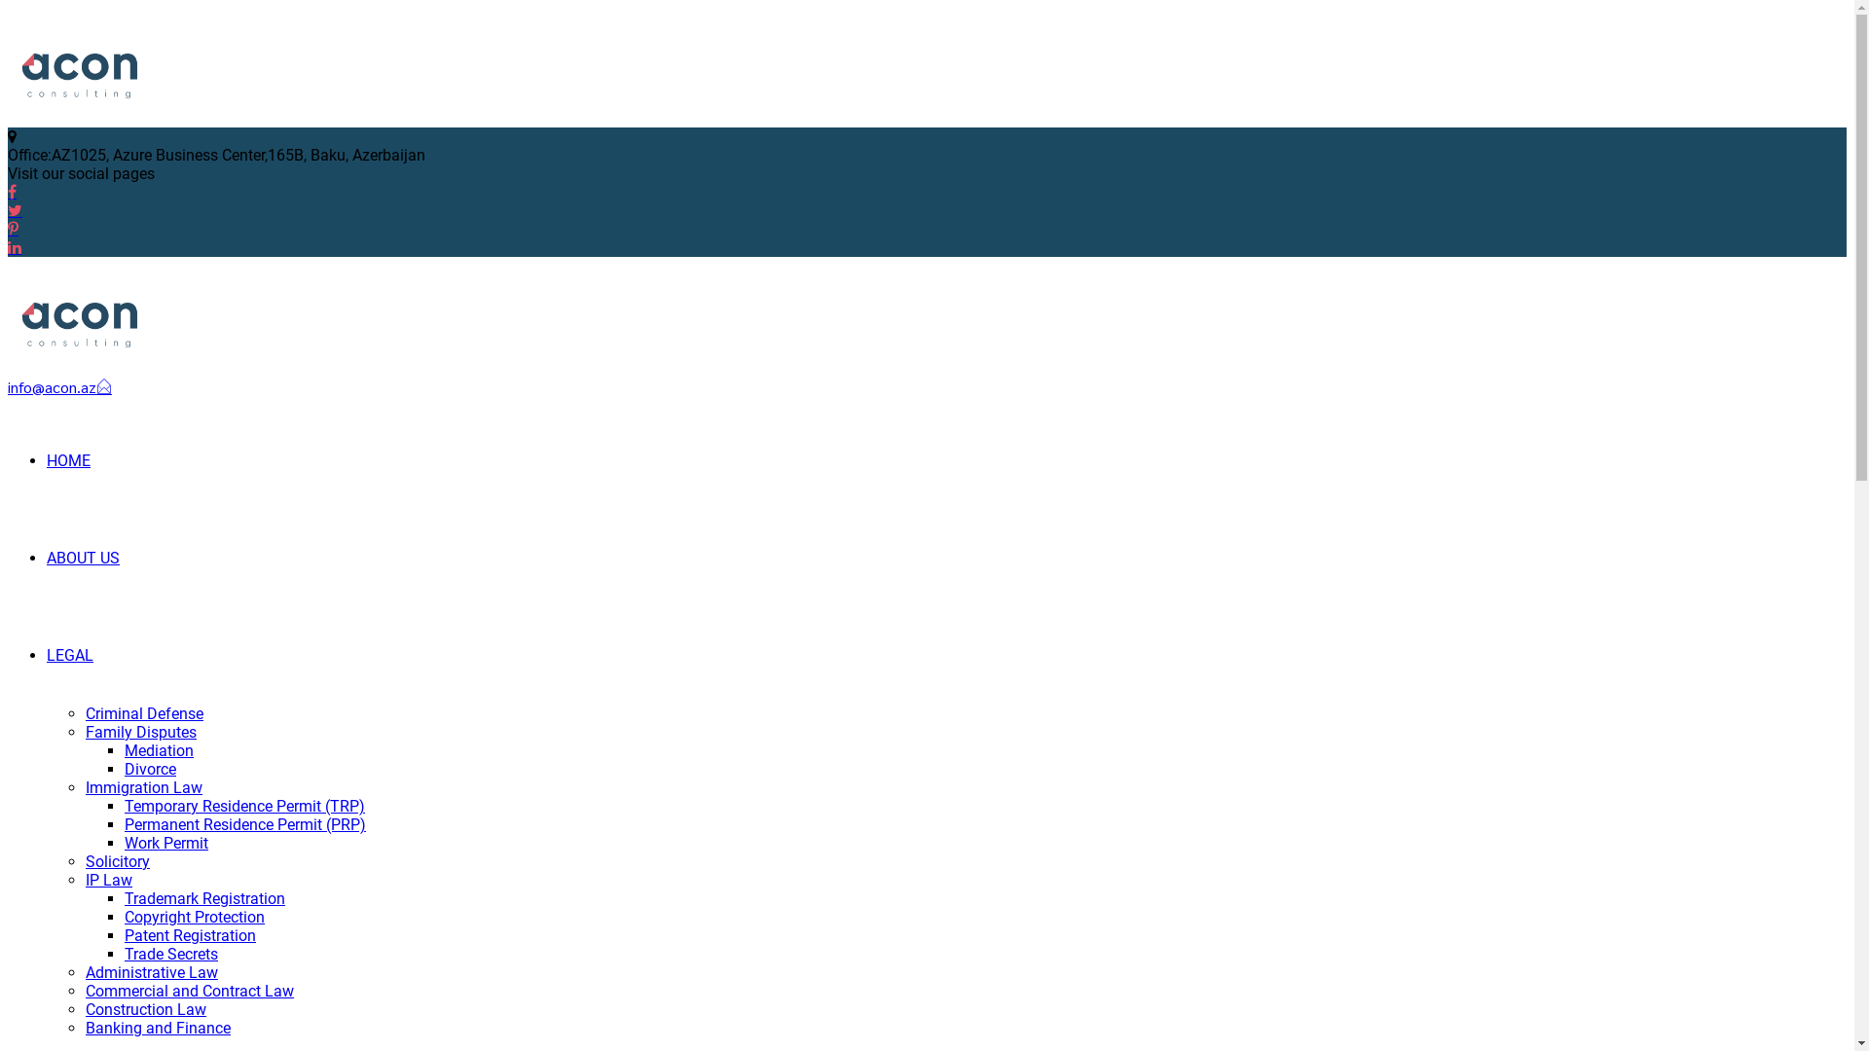 The width and height of the screenshot is (1869, 1051). I want to click on 'Permanent Residence Permit (PRP)', so click(244, 824).